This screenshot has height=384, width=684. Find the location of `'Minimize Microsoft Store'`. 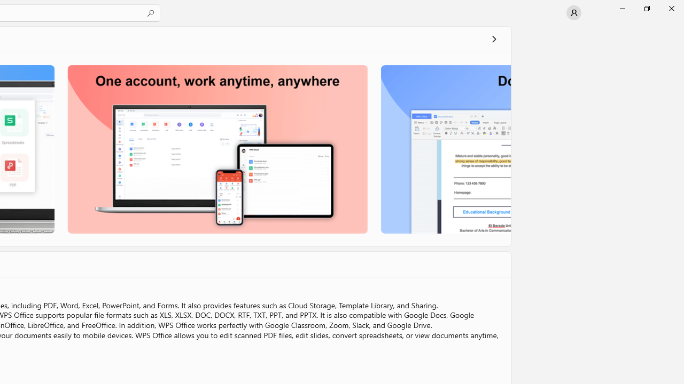

'Minimize Microsoft Store' is located at coordinates (622, 8).